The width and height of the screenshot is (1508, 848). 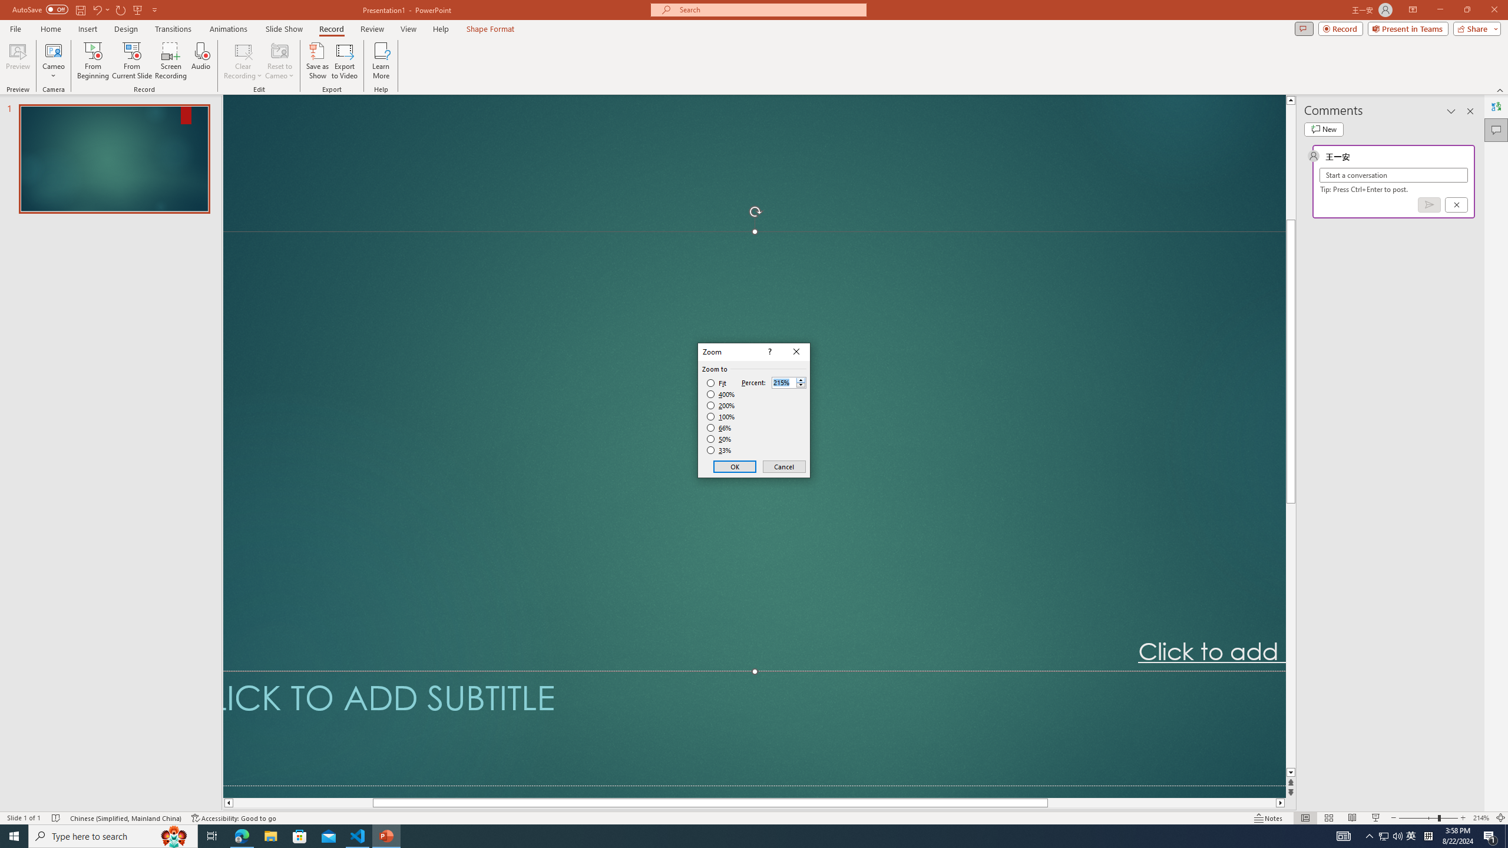 I want to click on 'More', so click(x=800, y=379).